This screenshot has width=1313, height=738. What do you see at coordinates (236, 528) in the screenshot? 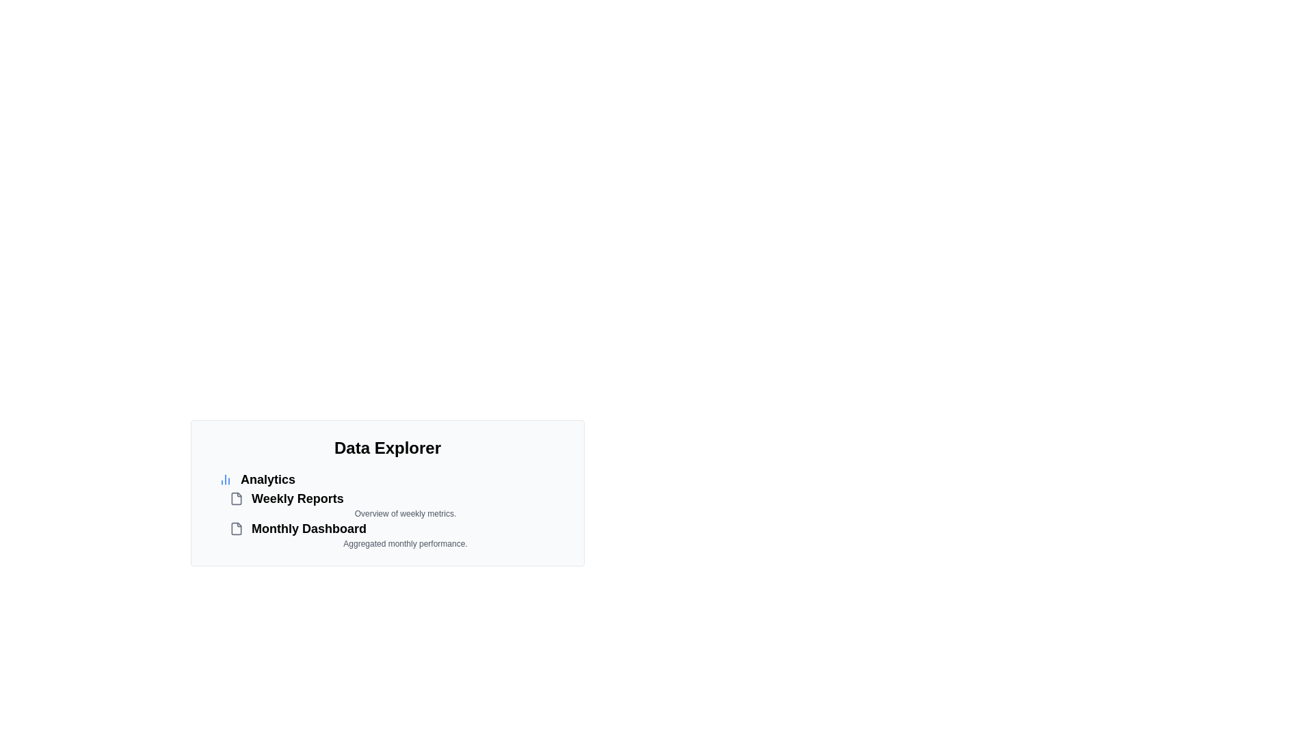
I see `the left-hand side part of the document icon representing 'Monthly Dashboard', positioned below the 'Weekly Reports' row` at bounding box center [236, 528].